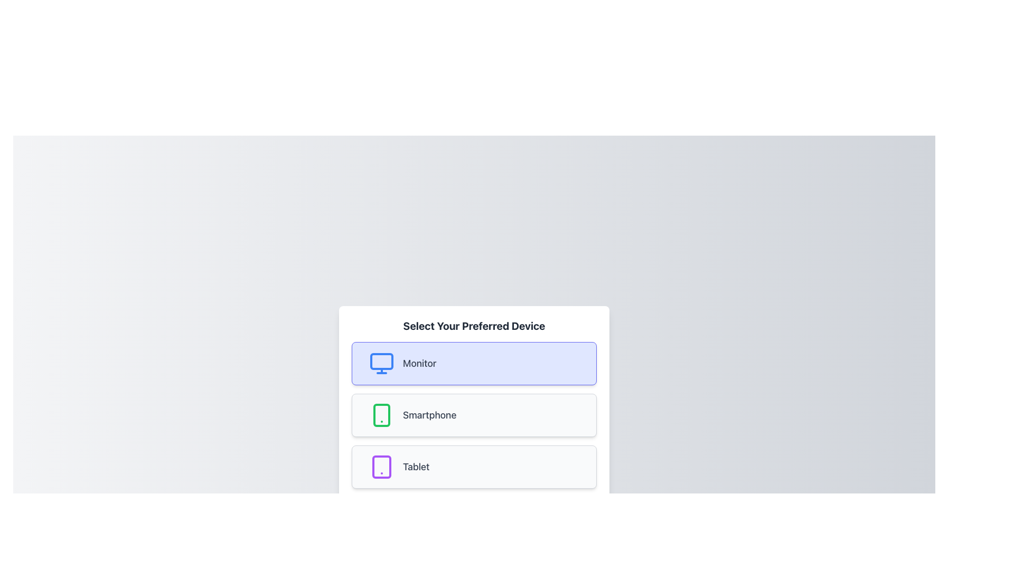 This screenshot has height=570, width=1014. Describe the element at coordinates (429, 414) in the screenshot. I see `the text label displaying 'Smartphone' which is styled in gray color and presented in a bold font within a card-like background` at that location.